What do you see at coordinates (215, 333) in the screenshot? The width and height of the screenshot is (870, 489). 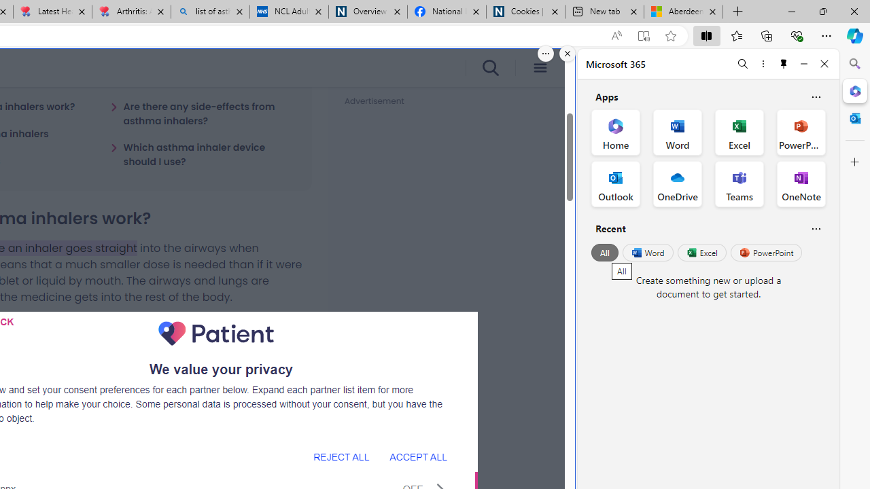 I see `'Publisher Logo'` at bounding box center [215, 333].